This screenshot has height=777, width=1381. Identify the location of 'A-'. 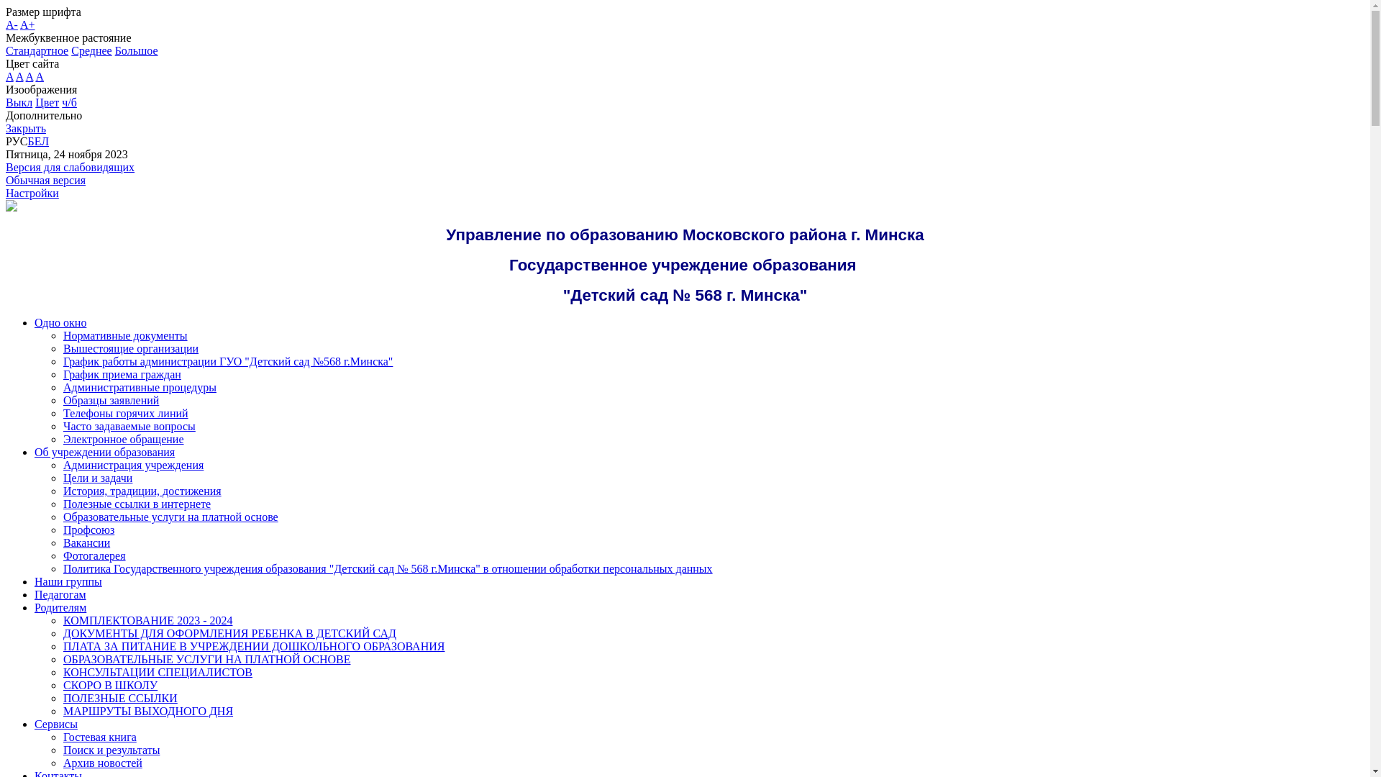
(12, 24).